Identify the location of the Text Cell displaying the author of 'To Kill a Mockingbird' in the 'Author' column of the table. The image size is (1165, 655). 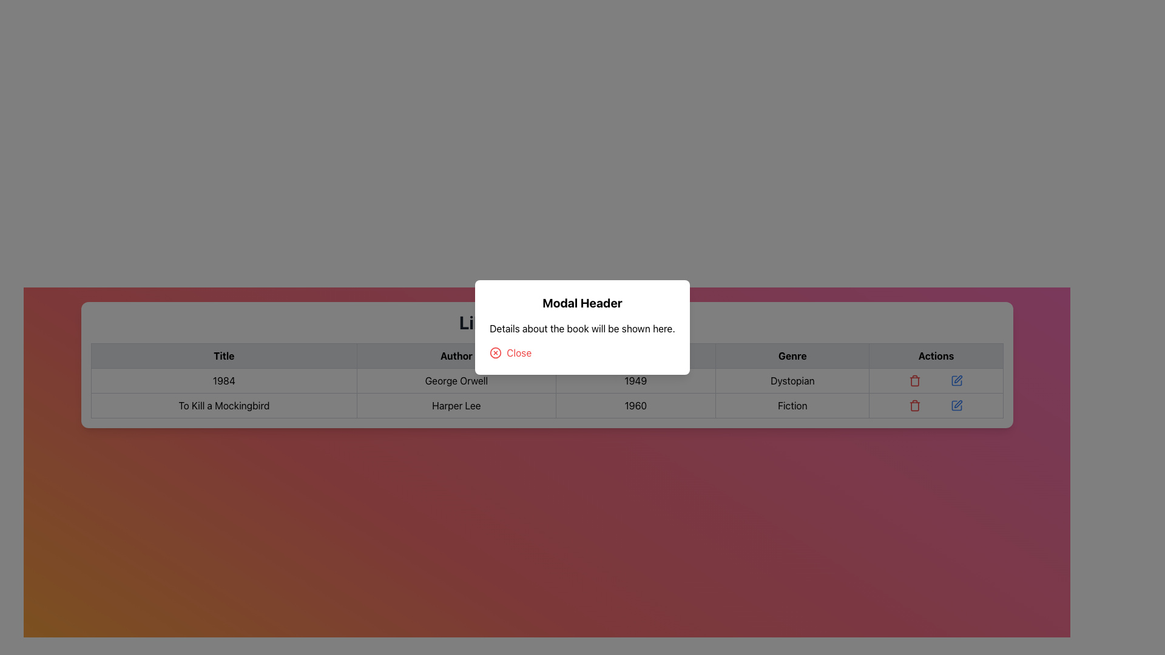
(456, 405).